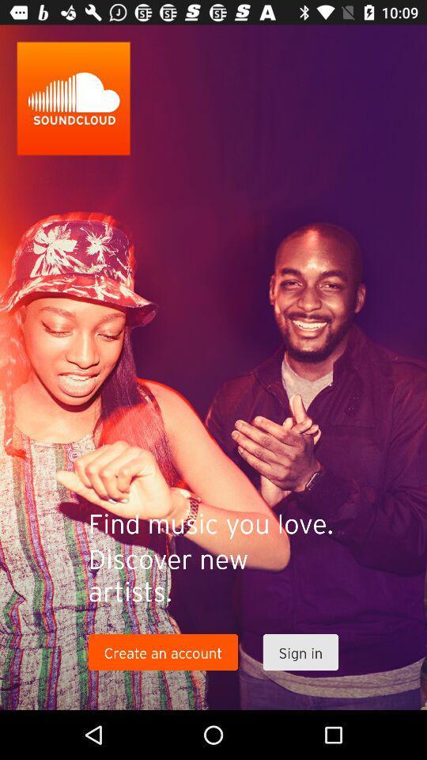 The width and height of the screenshot is (427, 760). Describe the element at coordinates (300, 652) in the screenshot. I see `the item at the bottom right corner` at that location.